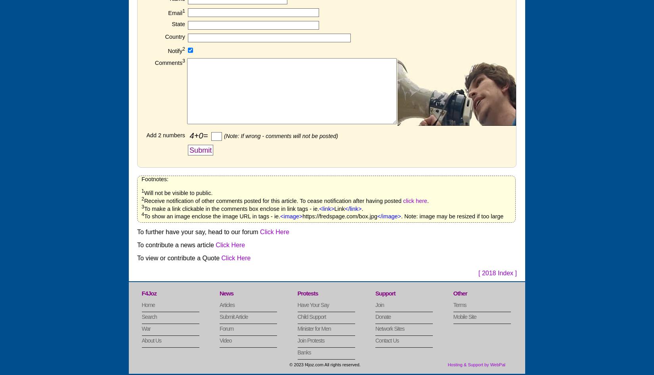  Describe the element at coordinates (174, 36) in the screenshot. I see `'Country'` at that location.